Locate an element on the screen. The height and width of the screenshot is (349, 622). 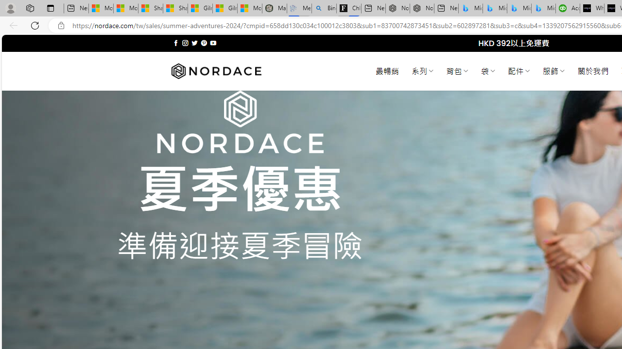
'Gilma and Hector both pose tropical trouble for Hawaii' is located at coordinates (224, 8).